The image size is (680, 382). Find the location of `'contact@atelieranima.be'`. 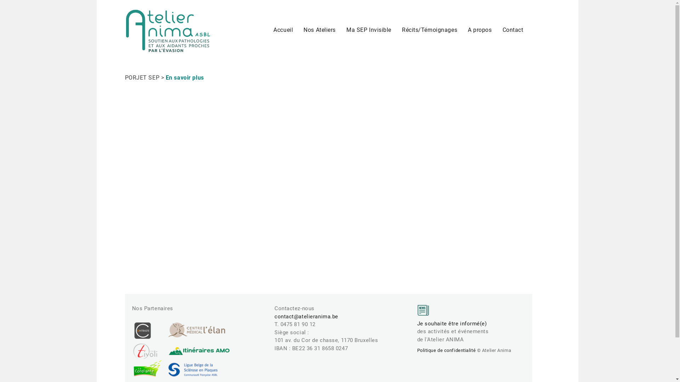

'contact@atelieranima.be' is located at coordinates (306, 316).